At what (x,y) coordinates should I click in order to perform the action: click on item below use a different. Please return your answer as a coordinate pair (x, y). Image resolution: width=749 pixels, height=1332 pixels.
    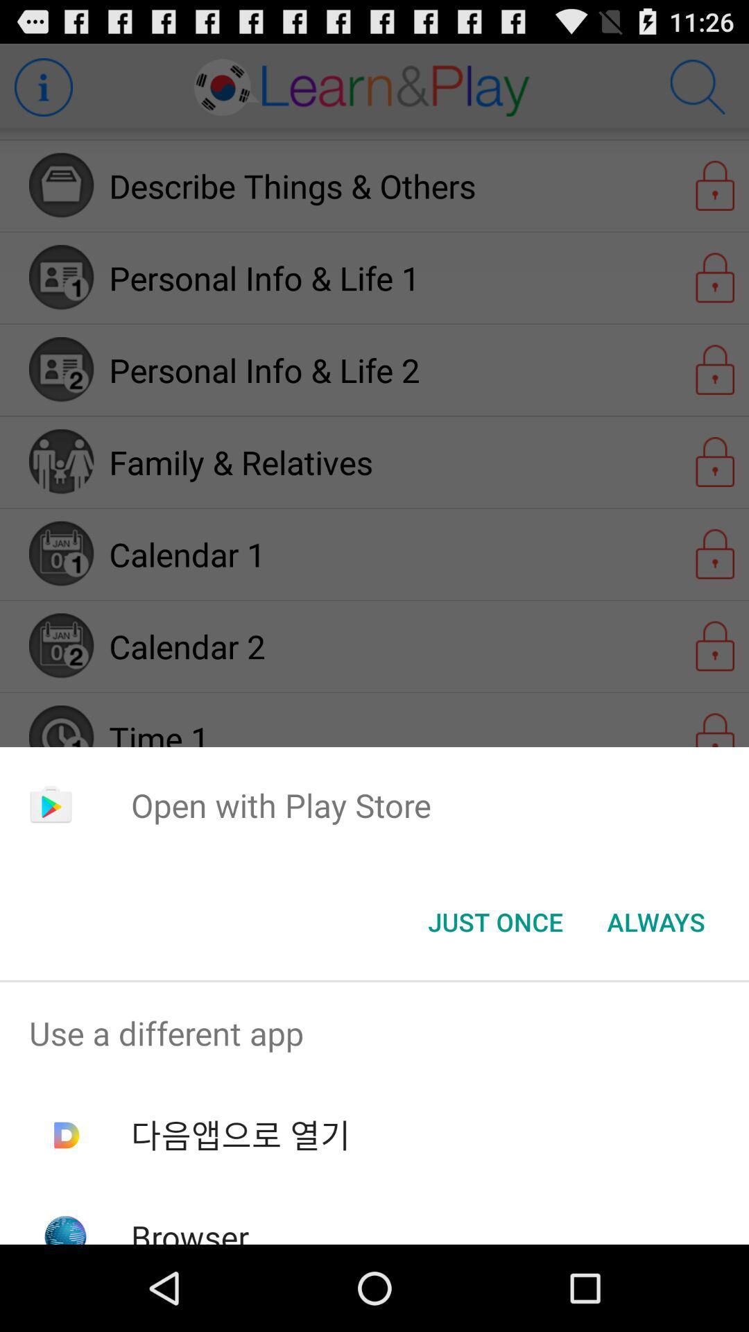
    Looking at the image, I should click on (240, 1135).